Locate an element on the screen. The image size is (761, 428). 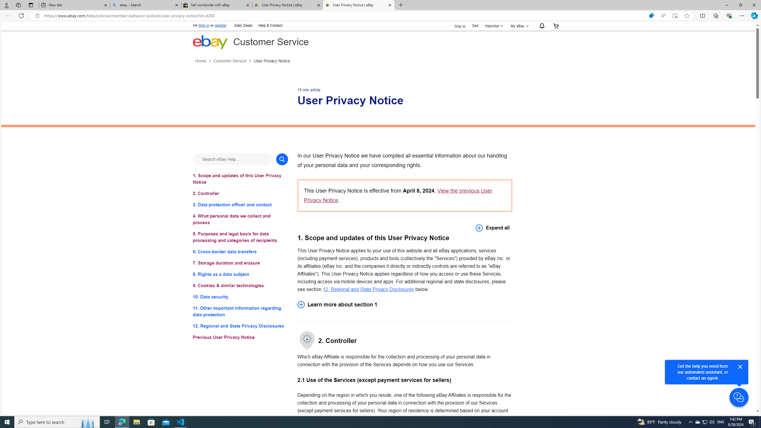
'8. Rights as a data subject' is located at coordinates (240, 274).